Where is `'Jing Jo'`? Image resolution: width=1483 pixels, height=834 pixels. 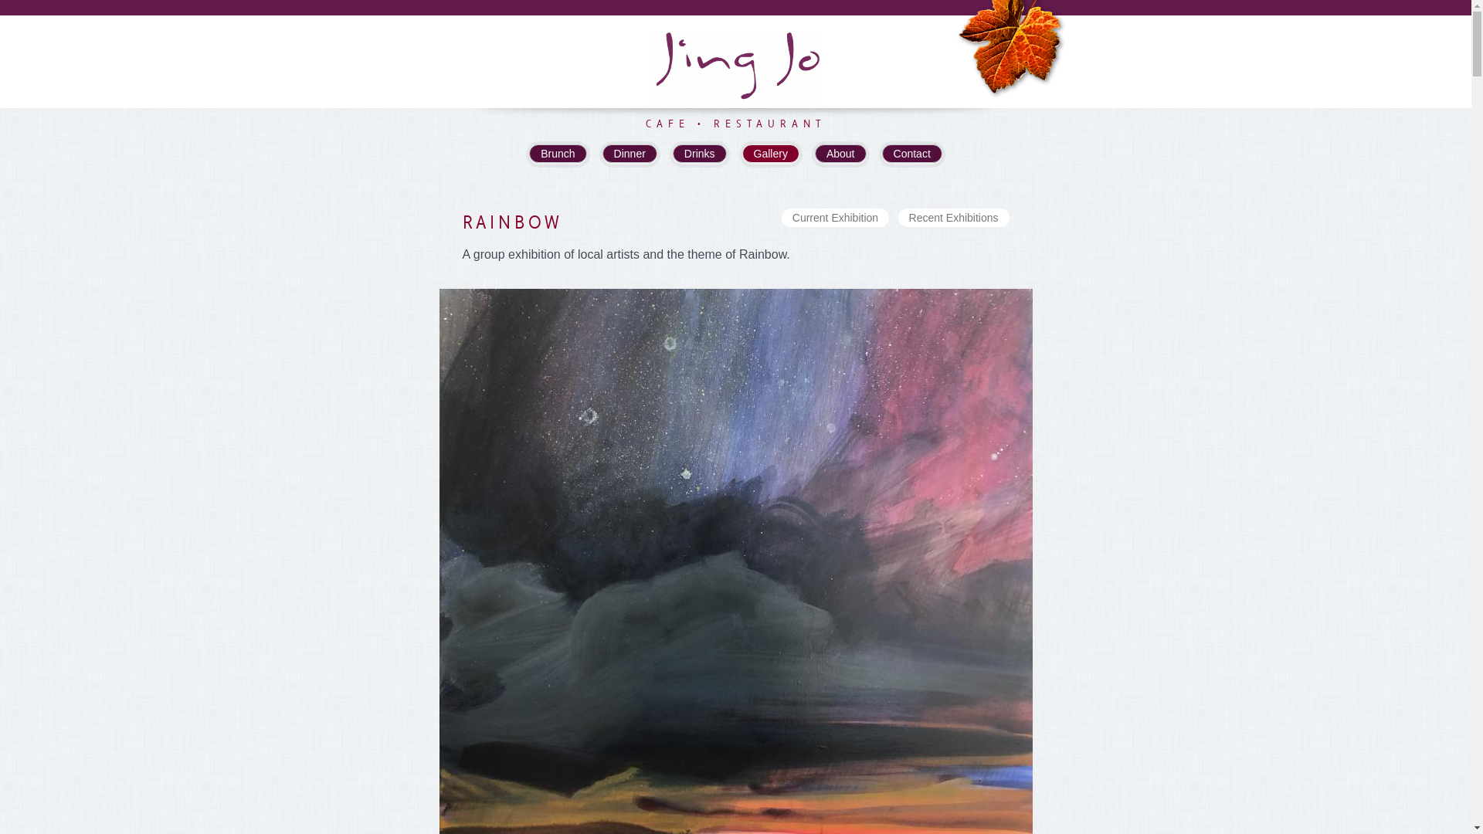 'Jing Jo' is located at coordinates (650, 49).